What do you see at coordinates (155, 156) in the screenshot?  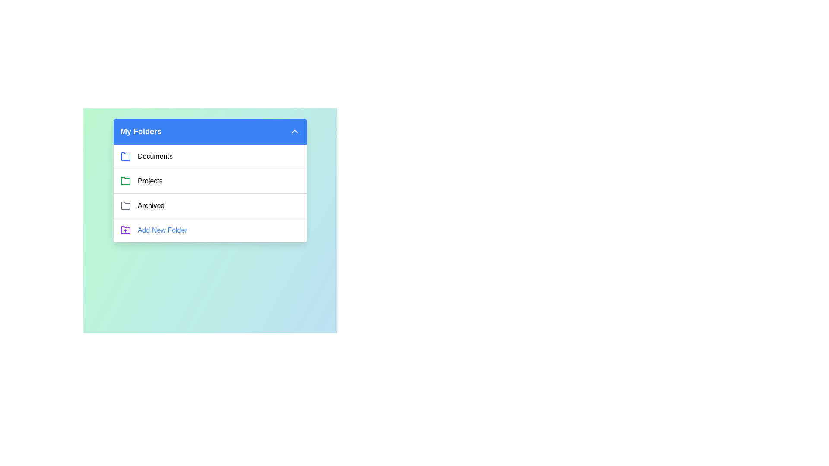 I see `the folder named Documents from the list` at bounding box center [155, 156].